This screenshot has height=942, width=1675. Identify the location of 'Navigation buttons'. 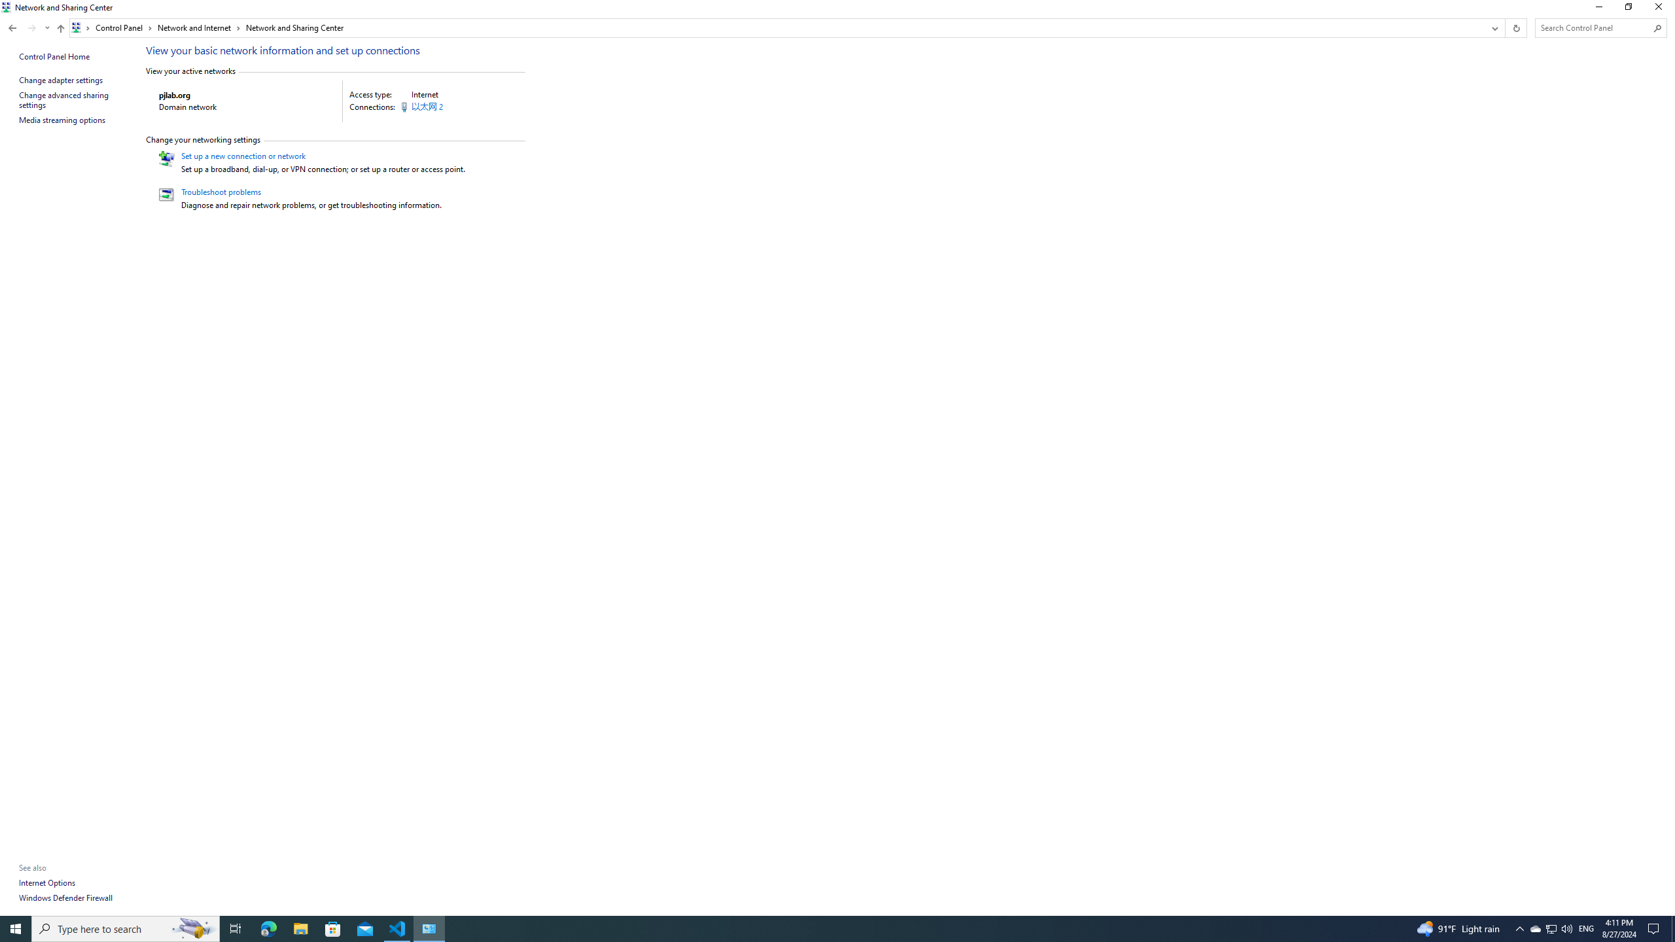
(27, 27).